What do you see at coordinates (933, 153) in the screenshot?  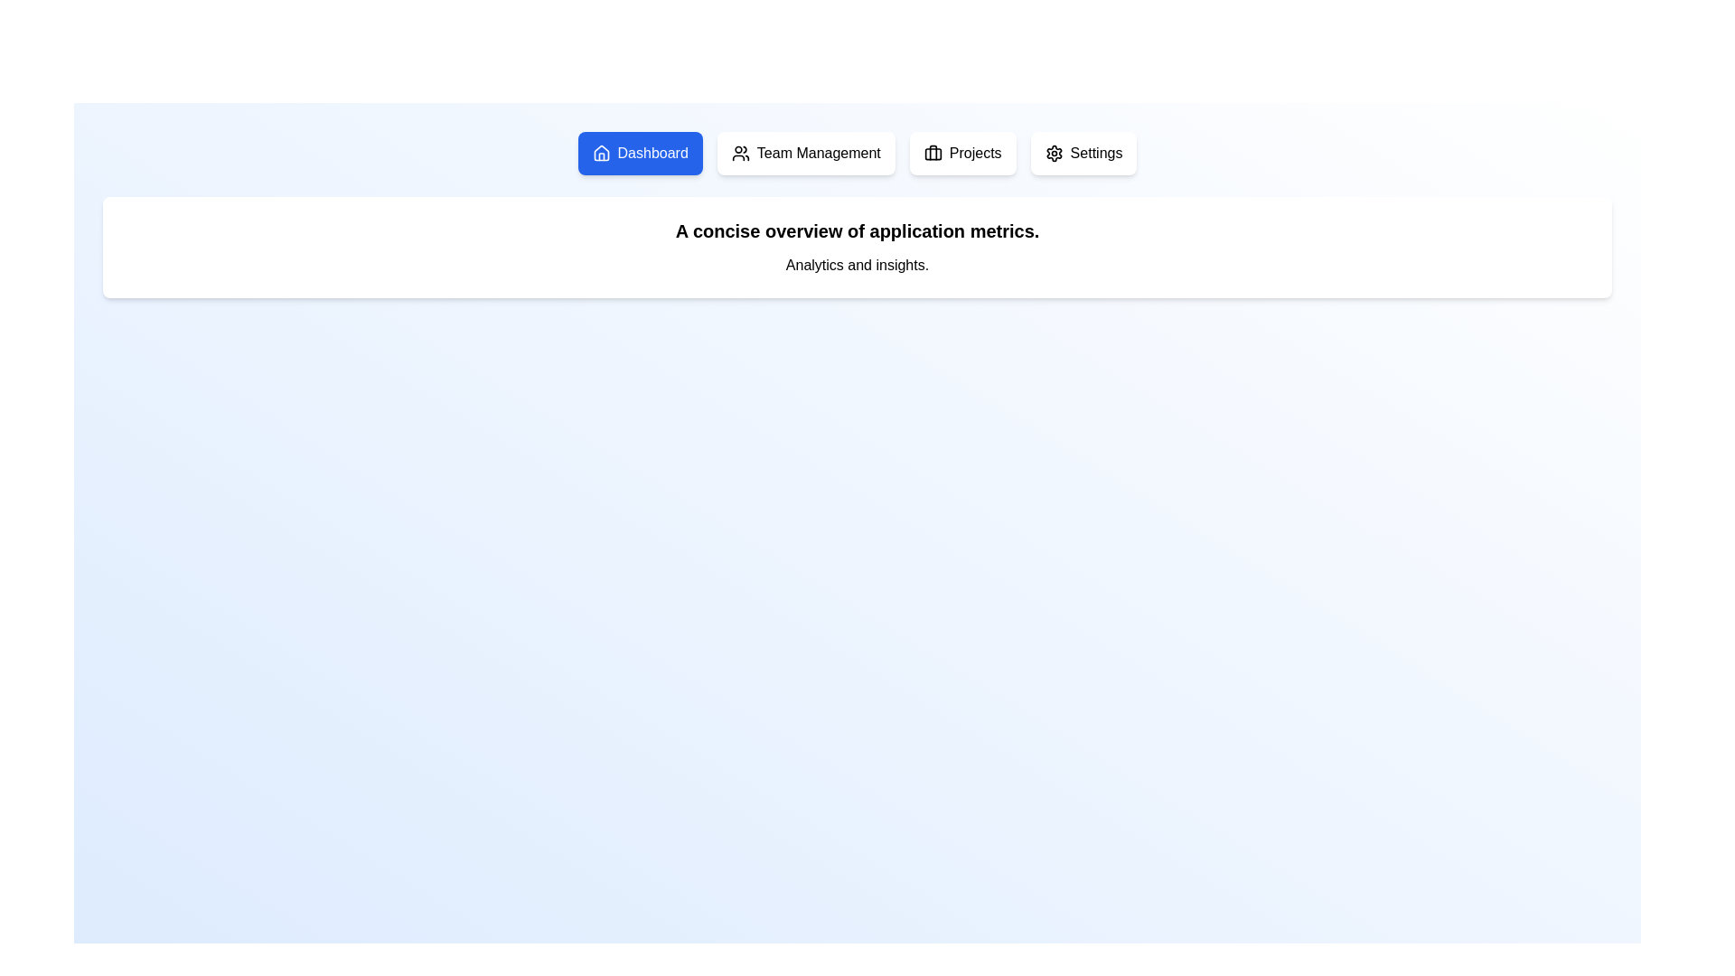 I see `the decorative shape, which is the back rectangle of the briefcase icon located third from the left in the navigation bar at the top of the interface` at bounding box center [933, 153].